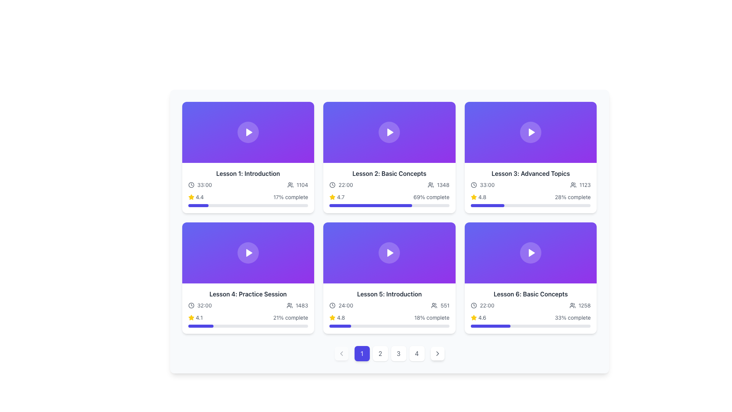  I want to click on the play button icon centered within the video preview of the 'Lesson 4: Practice Session' card, so click(249, 253).